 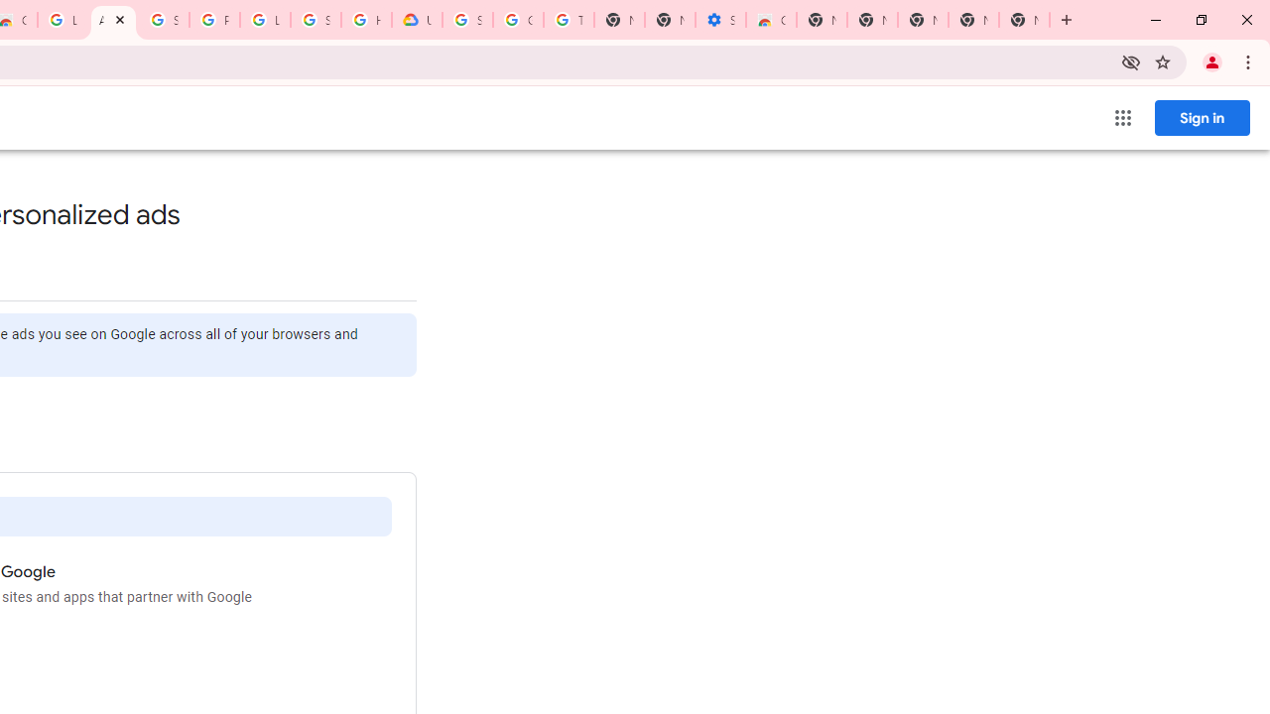 I want to click on 'Google Account Help', so click(x=518, y=20).